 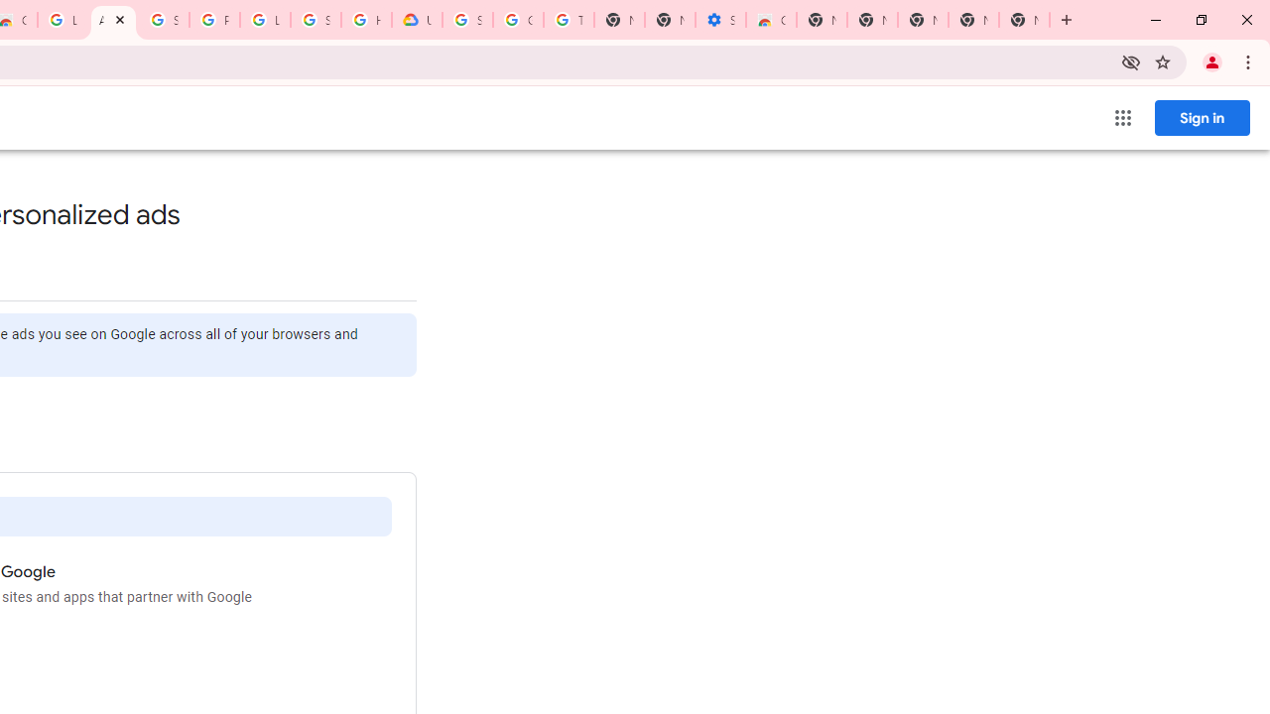 I want to click on 'Google Account Help', so click(x=518, y=20).